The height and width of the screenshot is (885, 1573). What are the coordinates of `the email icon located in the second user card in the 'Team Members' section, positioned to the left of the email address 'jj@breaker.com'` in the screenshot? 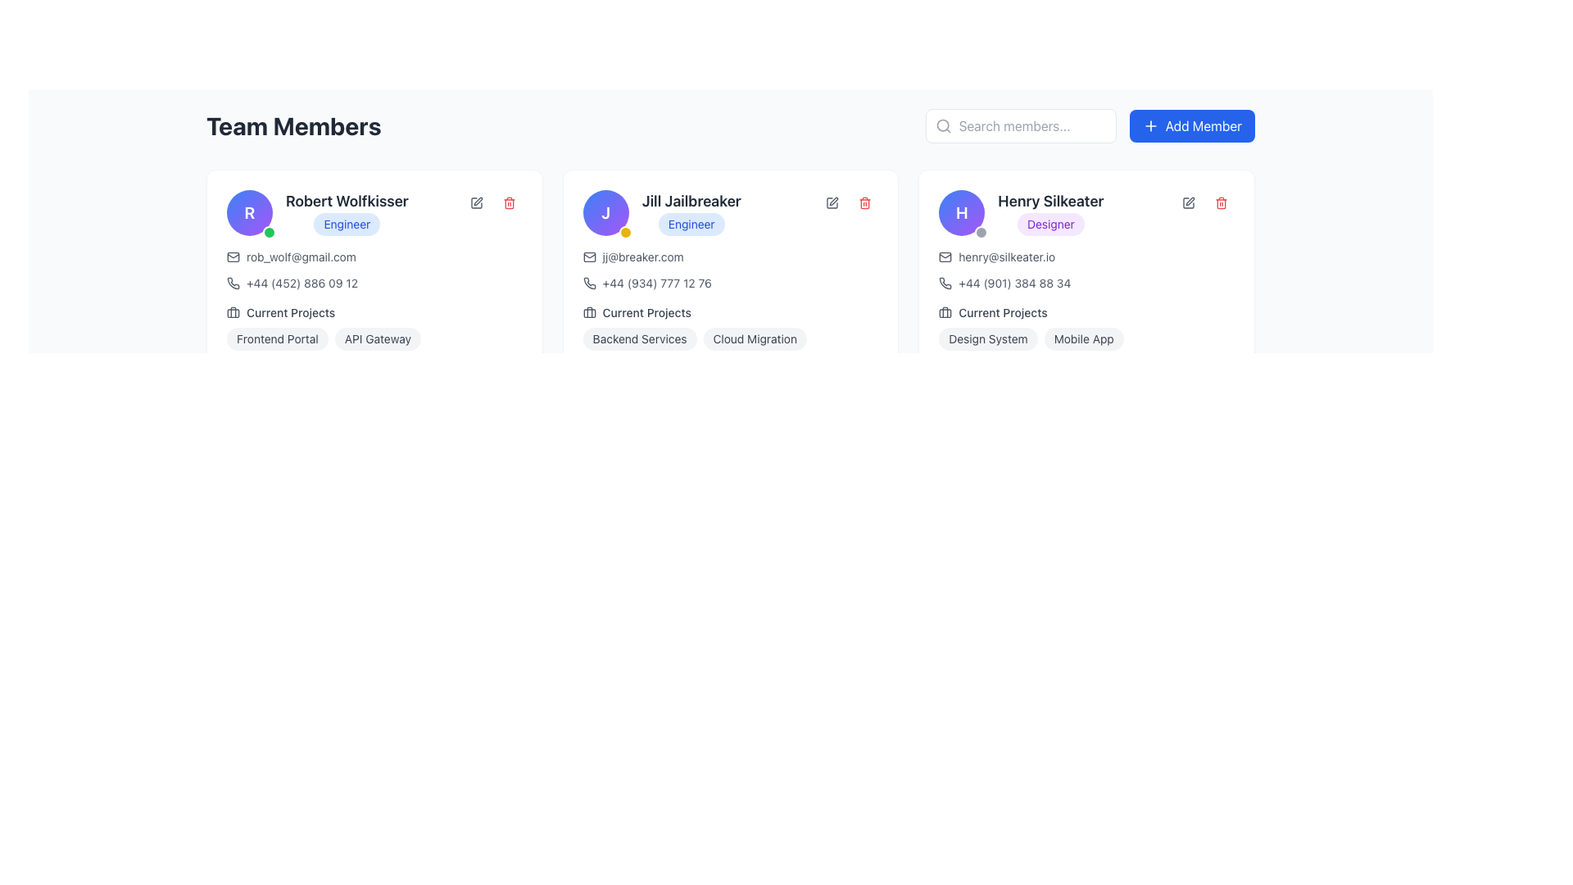 It's located at (589, 256).